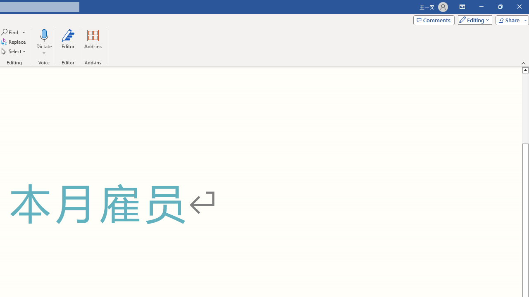 This screenshot has width=529, height=297. I want to click on 'Dictate', so click(43, 42).